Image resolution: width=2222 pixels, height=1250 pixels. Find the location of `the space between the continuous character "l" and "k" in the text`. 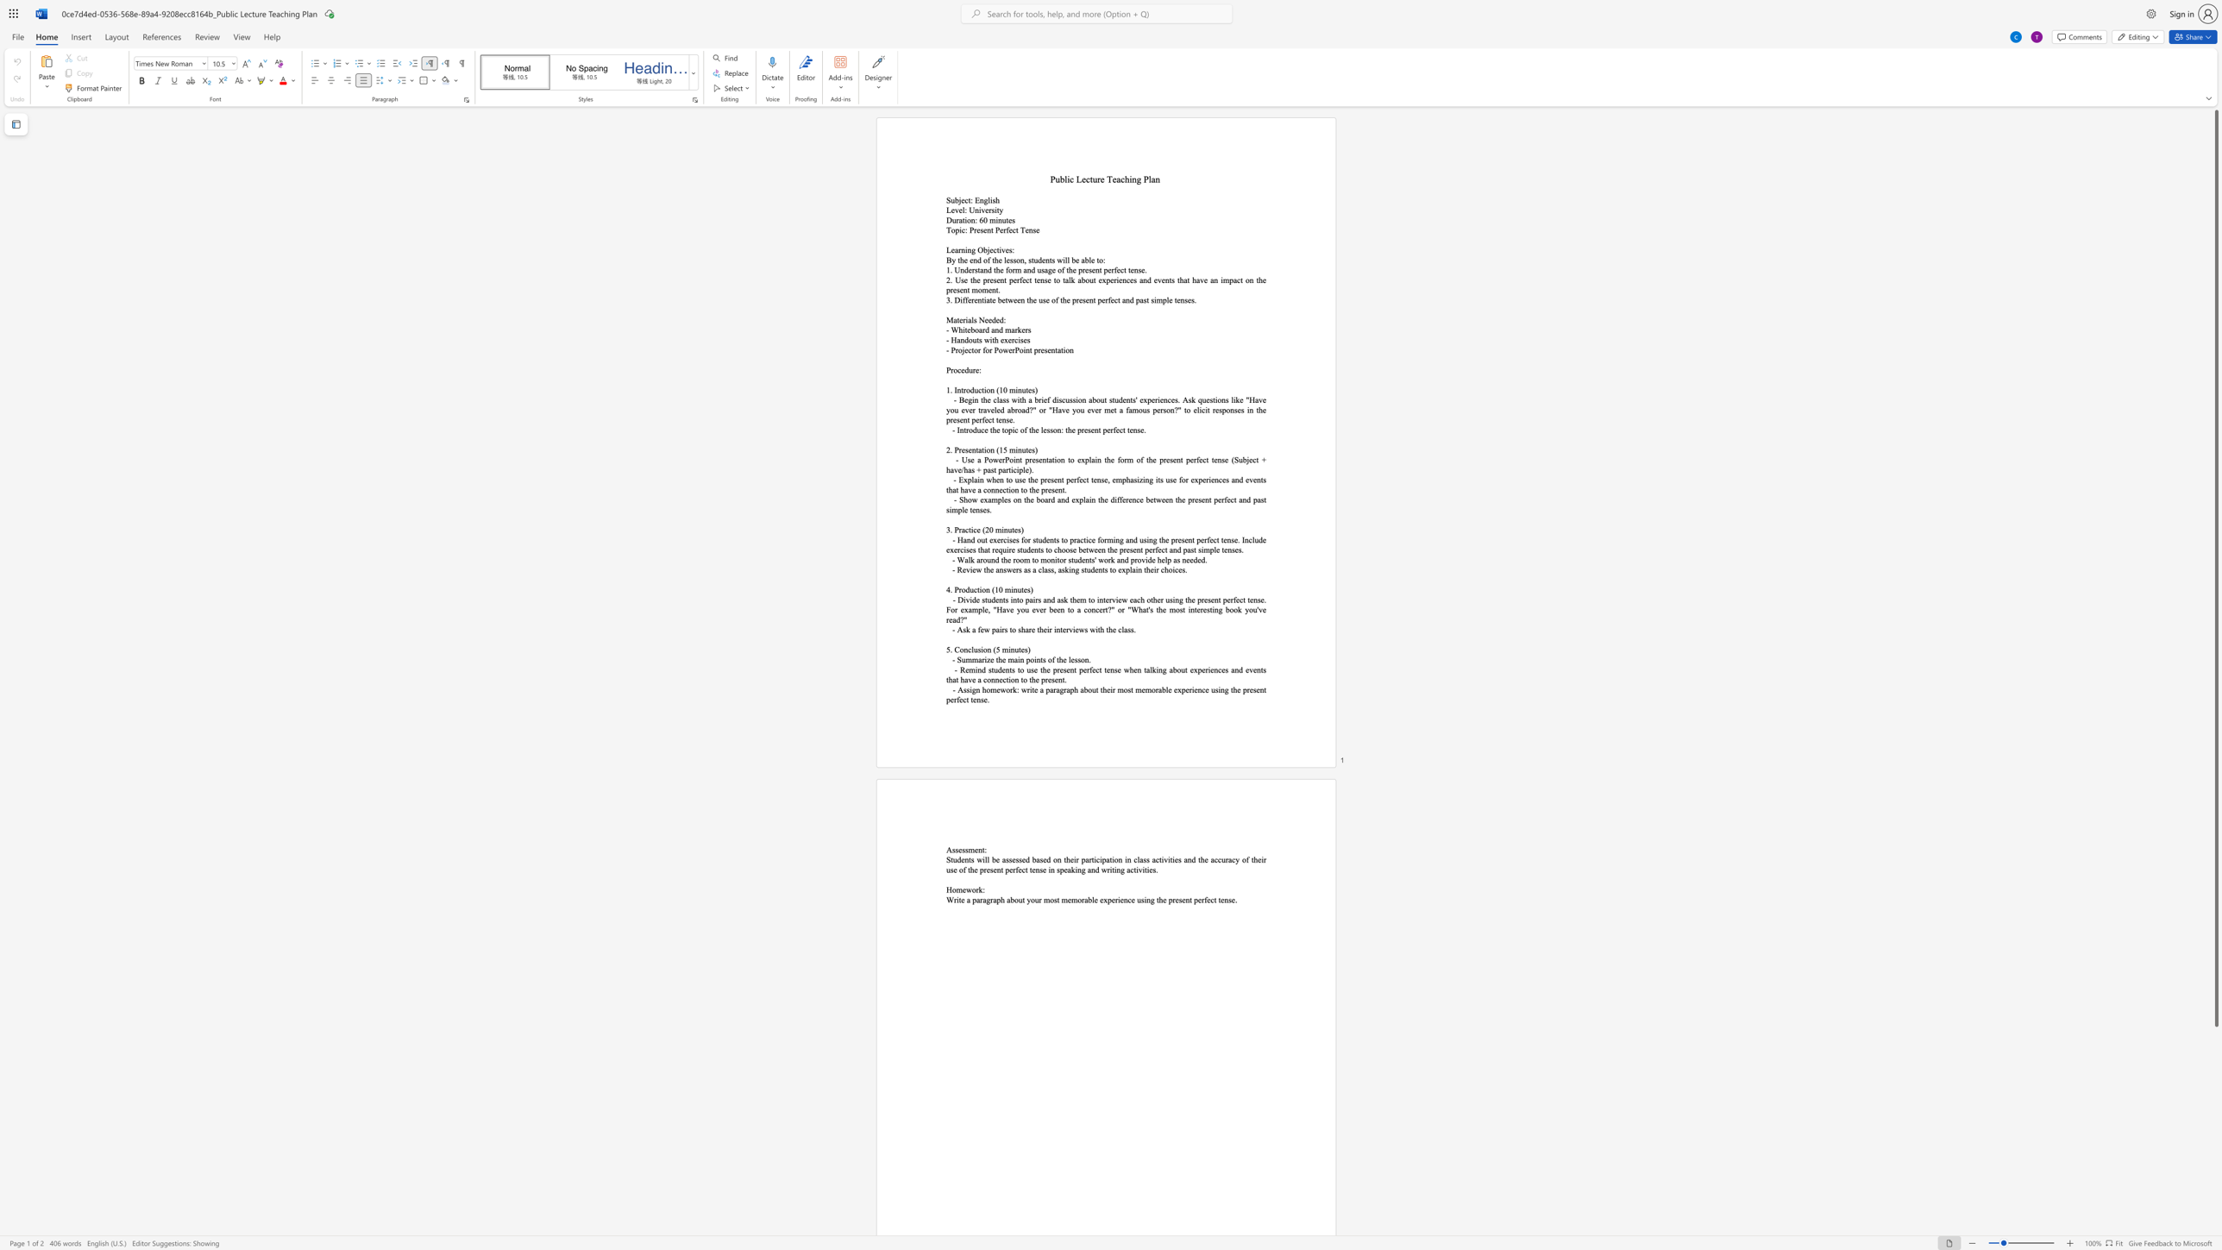

the space between the continuous character "l" and "k" in the text is located at coordinates (1070, 280).